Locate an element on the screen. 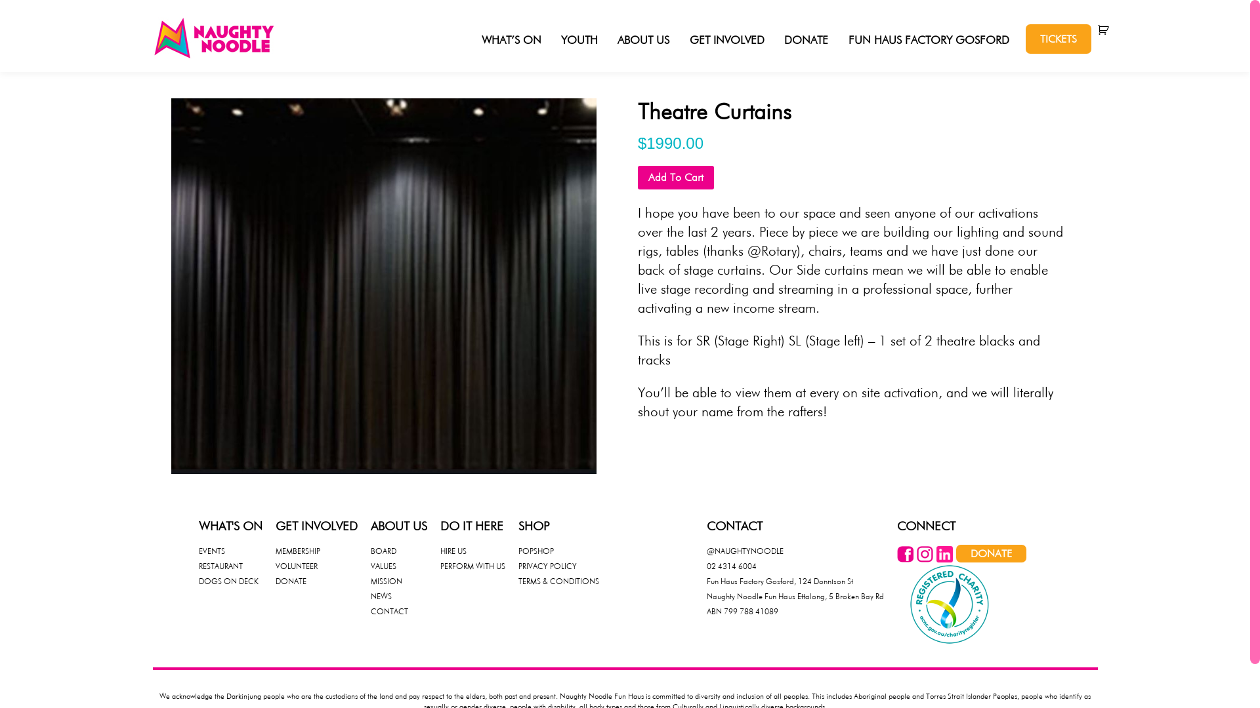 The image size is (1260, 708). 'HIRE US' is located at coordinates (453, 551).